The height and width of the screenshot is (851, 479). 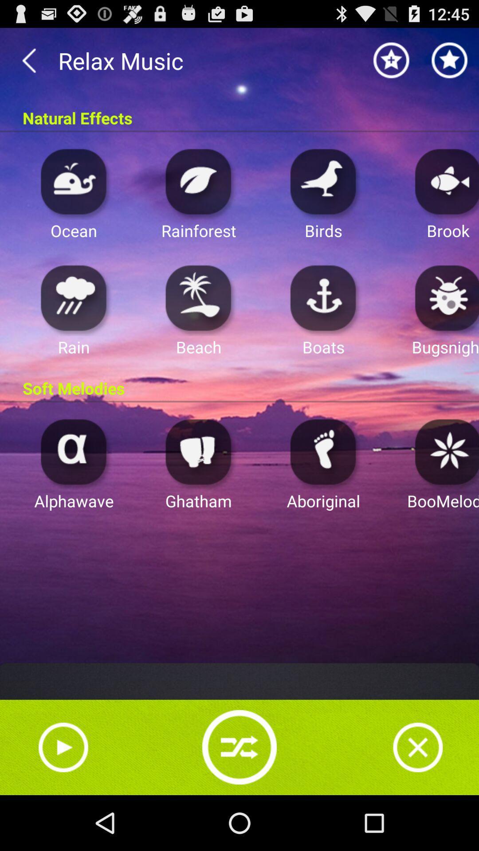 I want to click on the star icon, so click(x=391, y=64).